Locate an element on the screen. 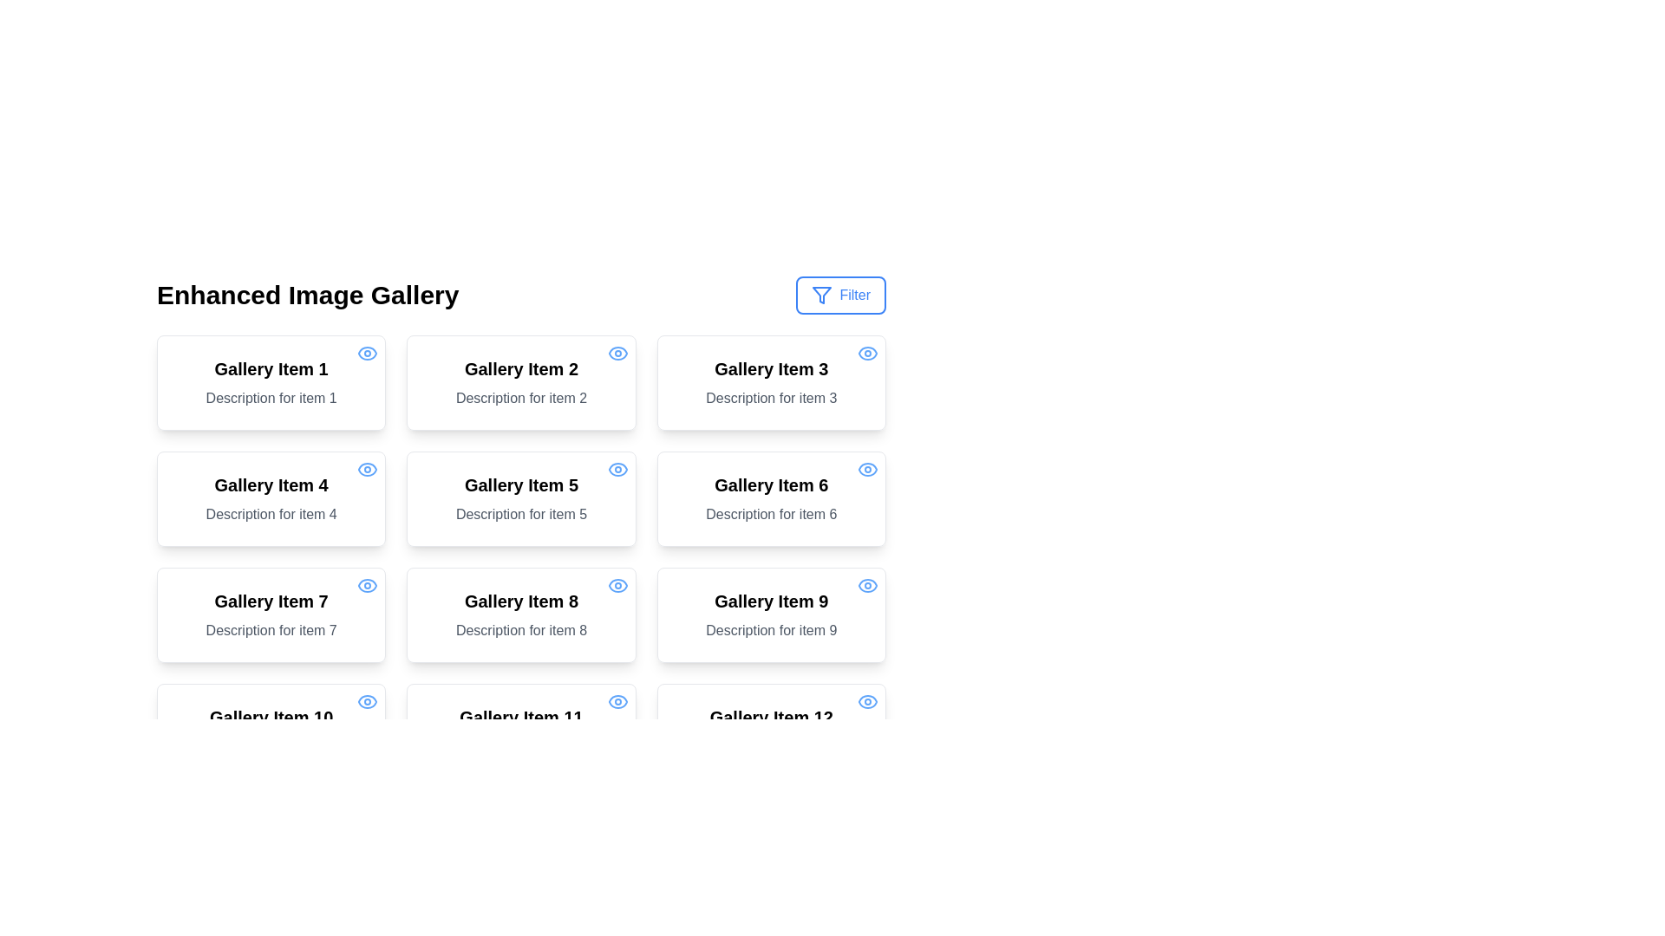  the text label displaying 'Gallery Item 8', which is styled with a larger, bold font and located in the second row and third column of the gallery item grid is located at coordinates (520, 601).